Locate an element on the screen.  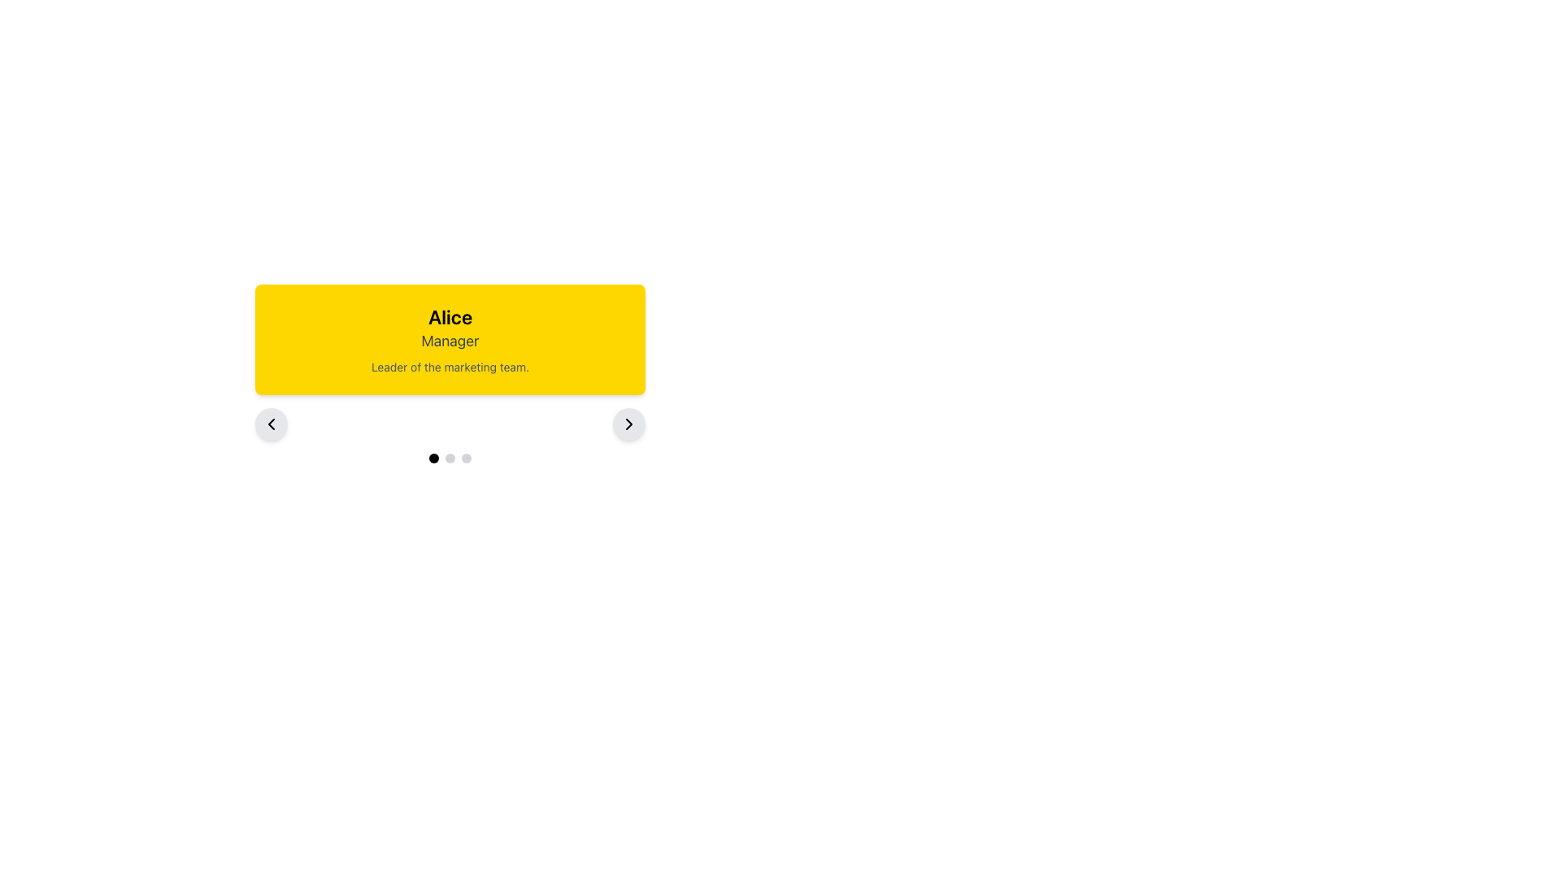
the Chevron icon inside the circular button located at the bottom-right corner of the yellow card displaying information about 'Alice, Manager' is located at coordinates (628, 423).